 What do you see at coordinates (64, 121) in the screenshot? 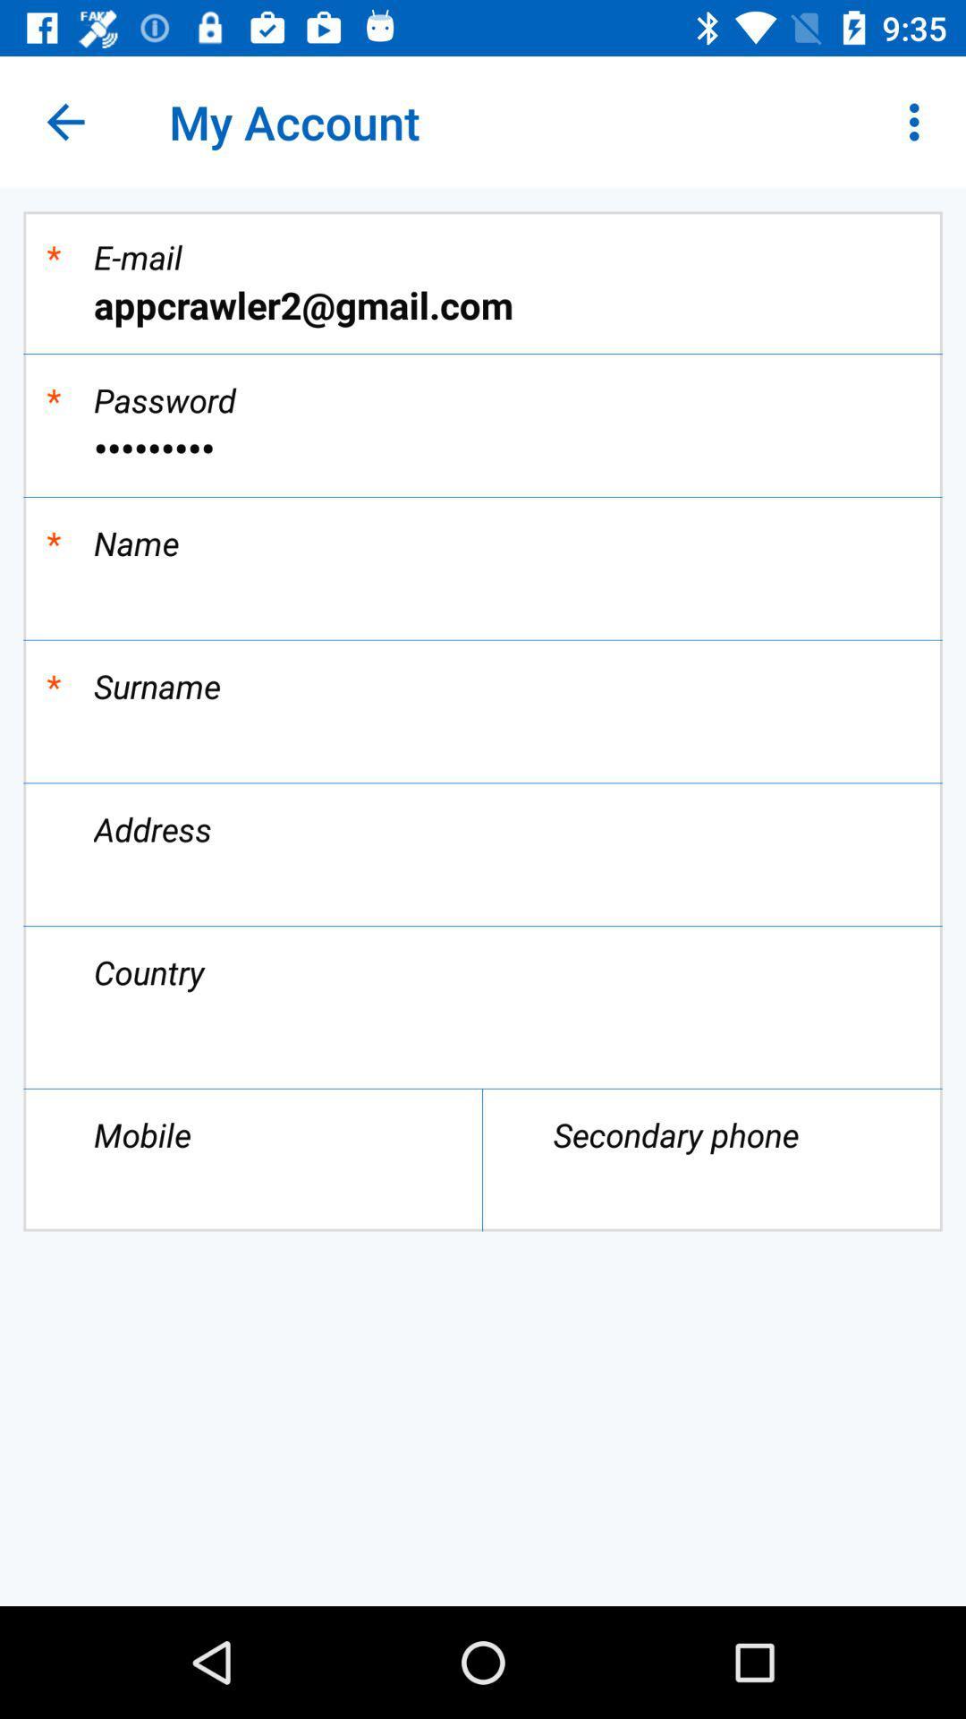
I see `the icon to the left of my account icon` at bounding box center [64, 121].